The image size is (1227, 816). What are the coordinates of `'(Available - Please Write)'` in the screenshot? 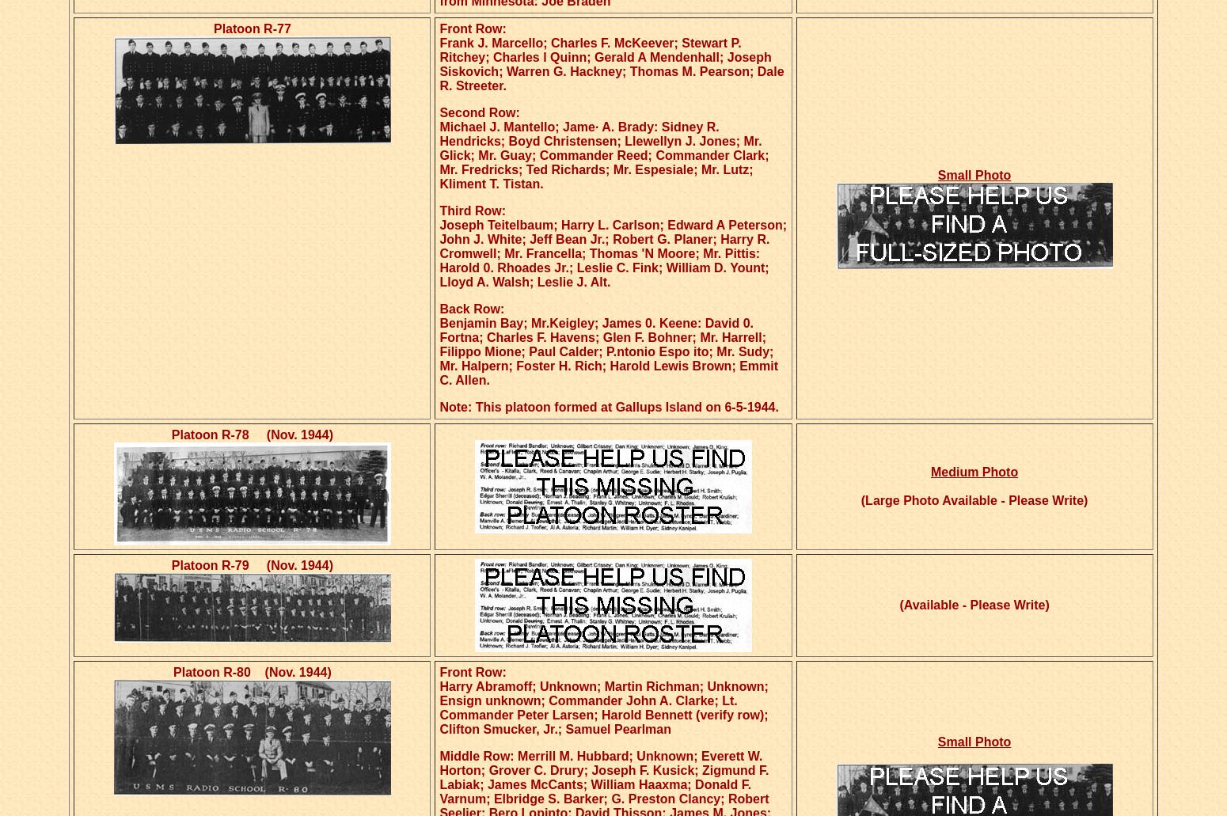 It's located at (974, 604).